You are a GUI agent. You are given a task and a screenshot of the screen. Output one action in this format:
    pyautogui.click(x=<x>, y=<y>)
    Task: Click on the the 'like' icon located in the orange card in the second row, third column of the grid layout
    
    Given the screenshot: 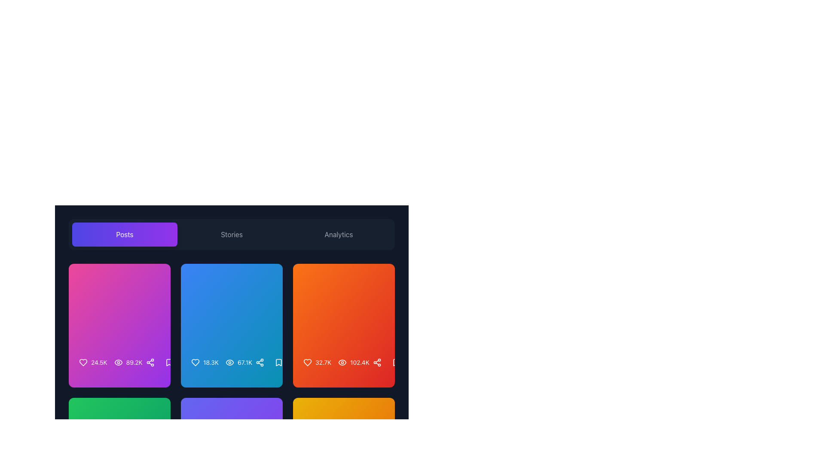 What is the action you would take?
    pyautogui.click(x=307, y=363)
    